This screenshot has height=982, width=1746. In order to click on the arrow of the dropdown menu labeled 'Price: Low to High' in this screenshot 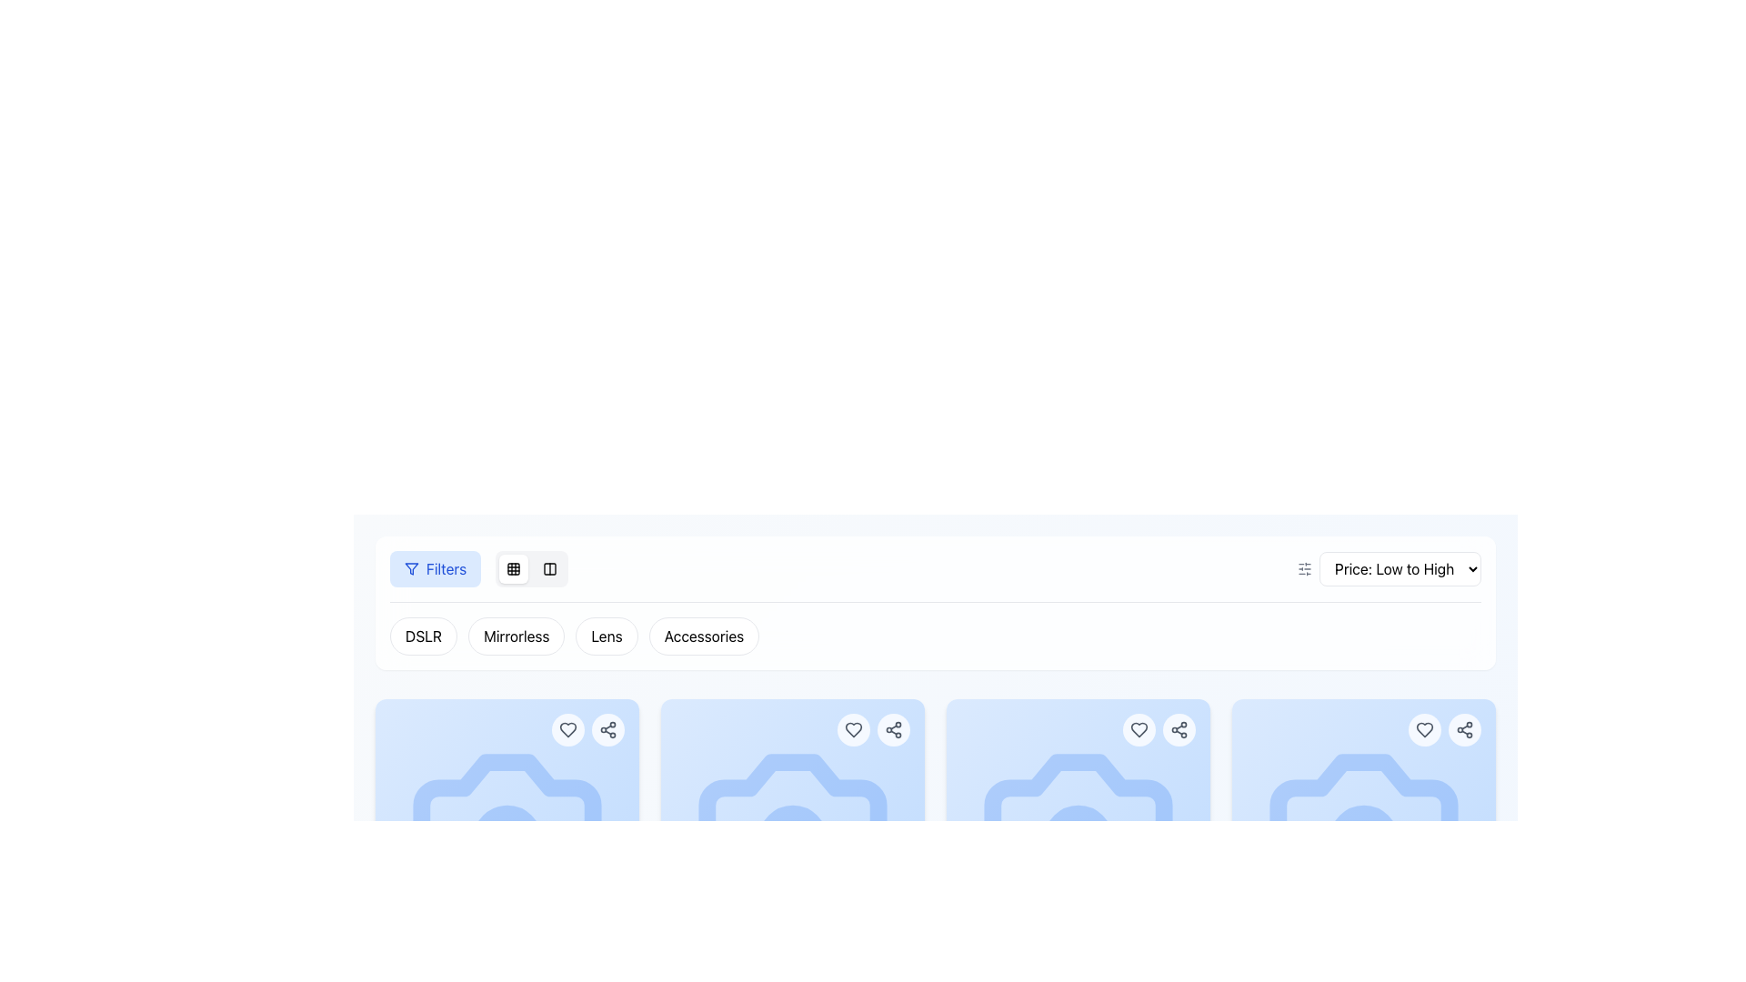, I will do `click(1400, 567)`.